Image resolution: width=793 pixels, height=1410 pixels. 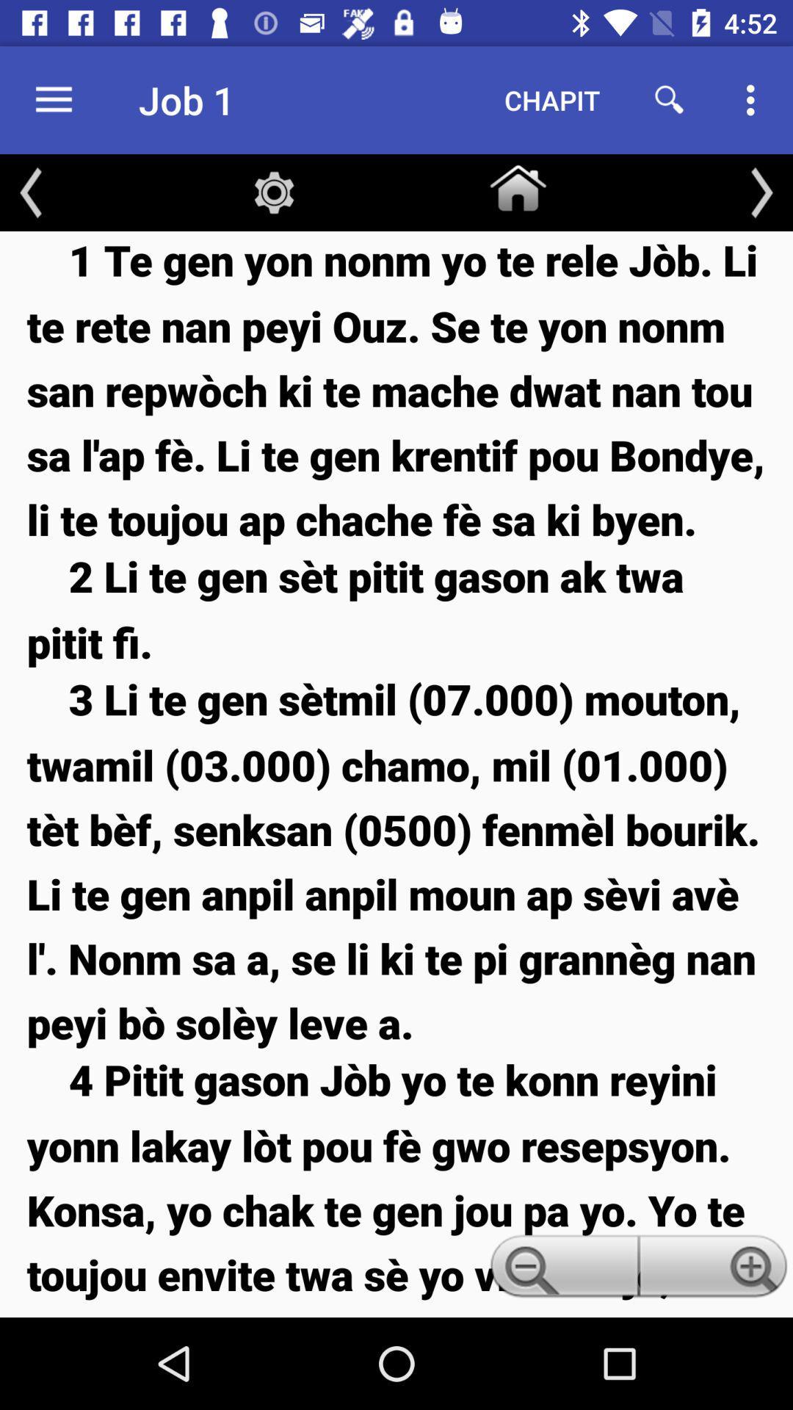 I want to click on item to the left of job 1 item, so click(x=53, y=99).